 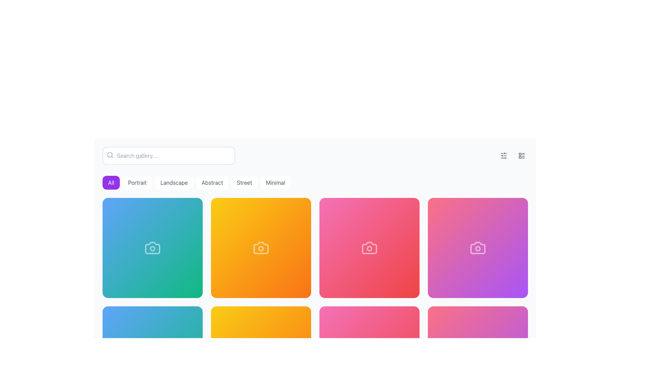 What do you see at coordinates (260, 247) in the screenshot?
I see `the camera icon's body element, which is part of the SVG graphic in the orange card layout, located in the second card of the first row` at bounding box center [260, 247].